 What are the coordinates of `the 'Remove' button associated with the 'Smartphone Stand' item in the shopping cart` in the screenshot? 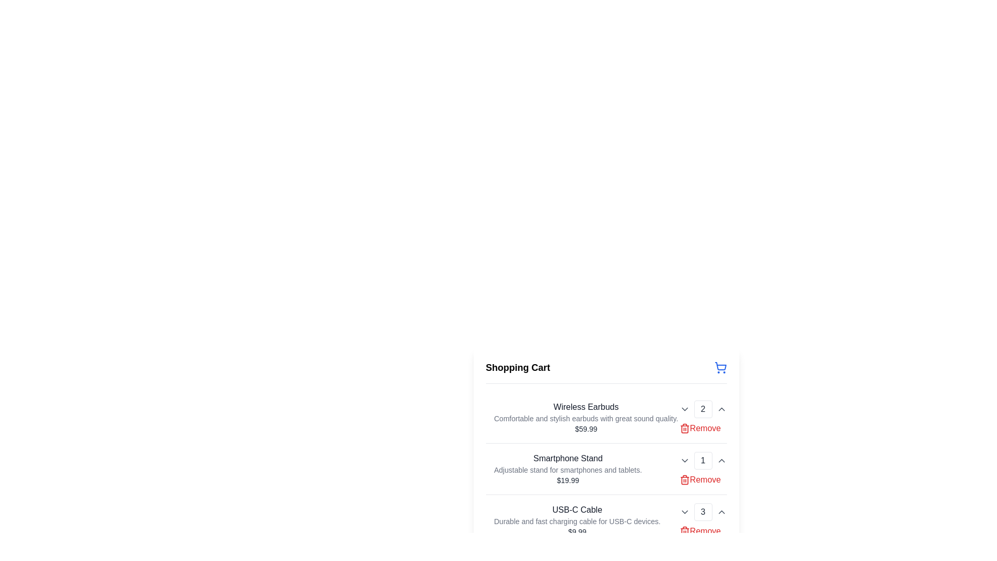 It's located at (700, 480).